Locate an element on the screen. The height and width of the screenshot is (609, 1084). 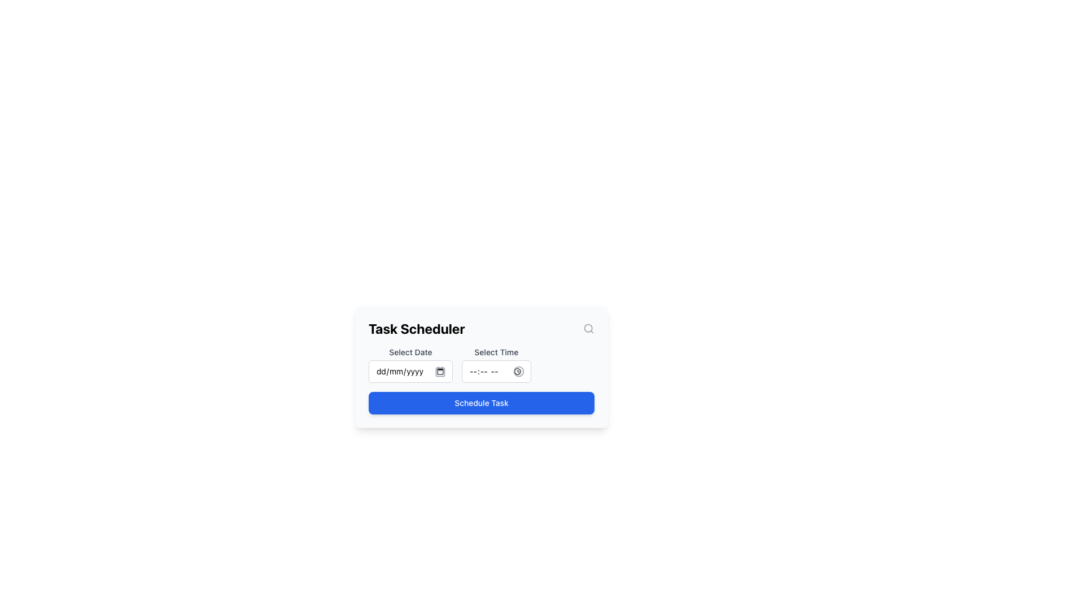
the 'Select Time' label, which is styled with a small font size and medium weight in gray, located in the top-center region of the 'Task Scheduler' form above the time input field is located at coordinates (496, 351).